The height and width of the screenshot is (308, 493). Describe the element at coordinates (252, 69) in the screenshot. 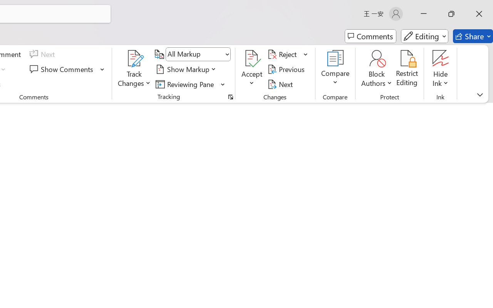

I see `'Accept'` at that location.